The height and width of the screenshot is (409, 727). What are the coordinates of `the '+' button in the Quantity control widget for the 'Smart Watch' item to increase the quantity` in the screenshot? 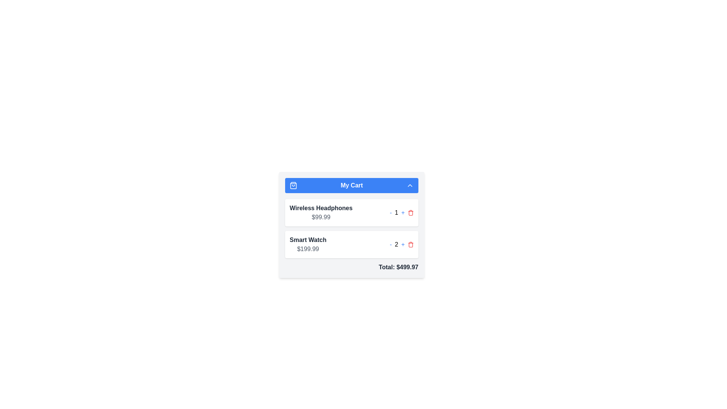 It's located at (401, 244).